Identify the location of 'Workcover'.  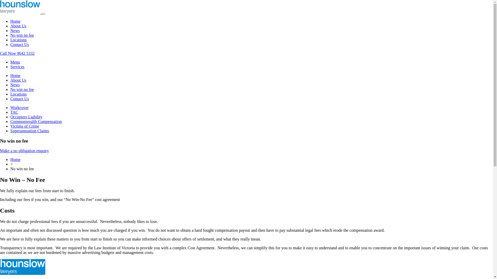
(19, 107).